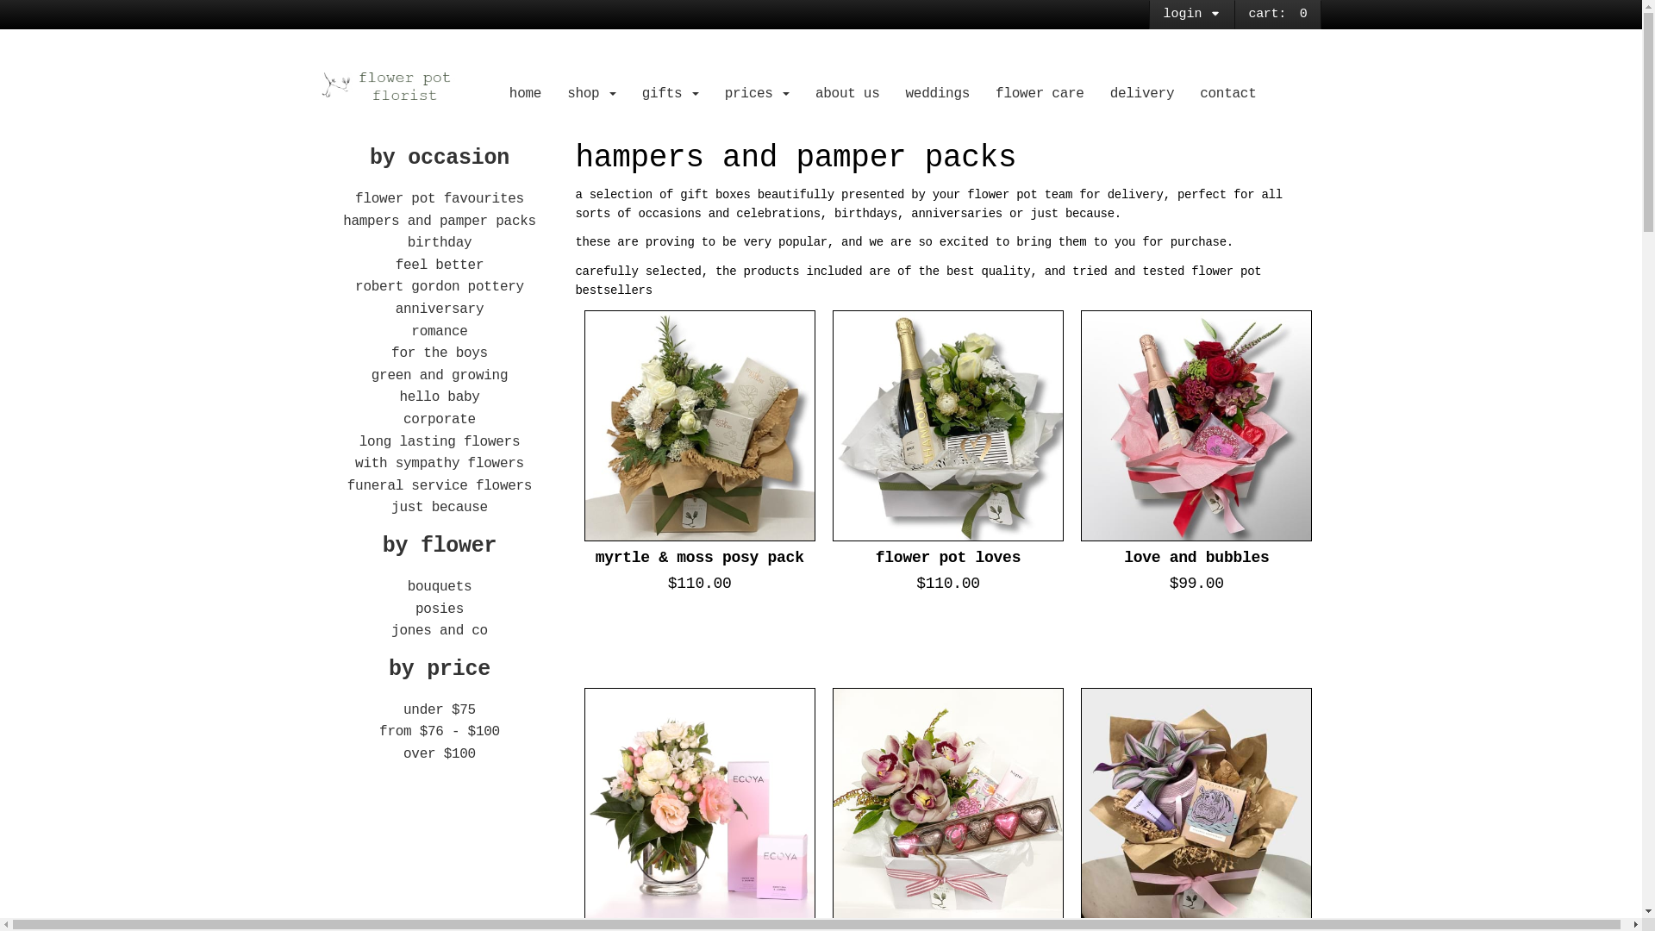 The image size is (1655, 931). Describe the element at coordinates (439, 397) in the screenshot. I see `'hello baby'` at that location.